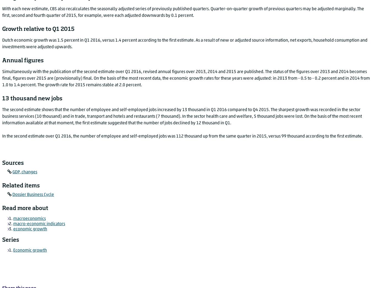 This screenshot has height=288, width=374. I want to click on '10 thousand', so click(48, 116).